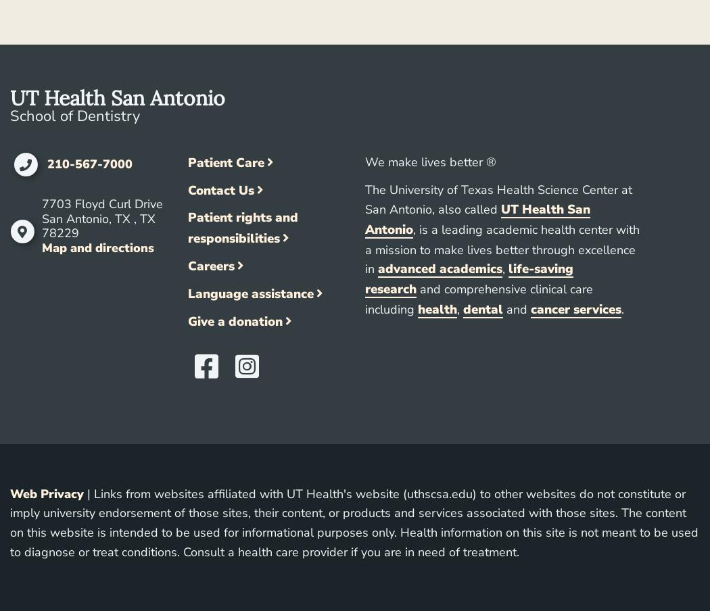 The height and width of the screenshot is (611, 710). What do you see at coordinates (101, 204) in the screenshot?
I see `'7703 Floyd Curl Drive'` at bounding box center [101, 204].